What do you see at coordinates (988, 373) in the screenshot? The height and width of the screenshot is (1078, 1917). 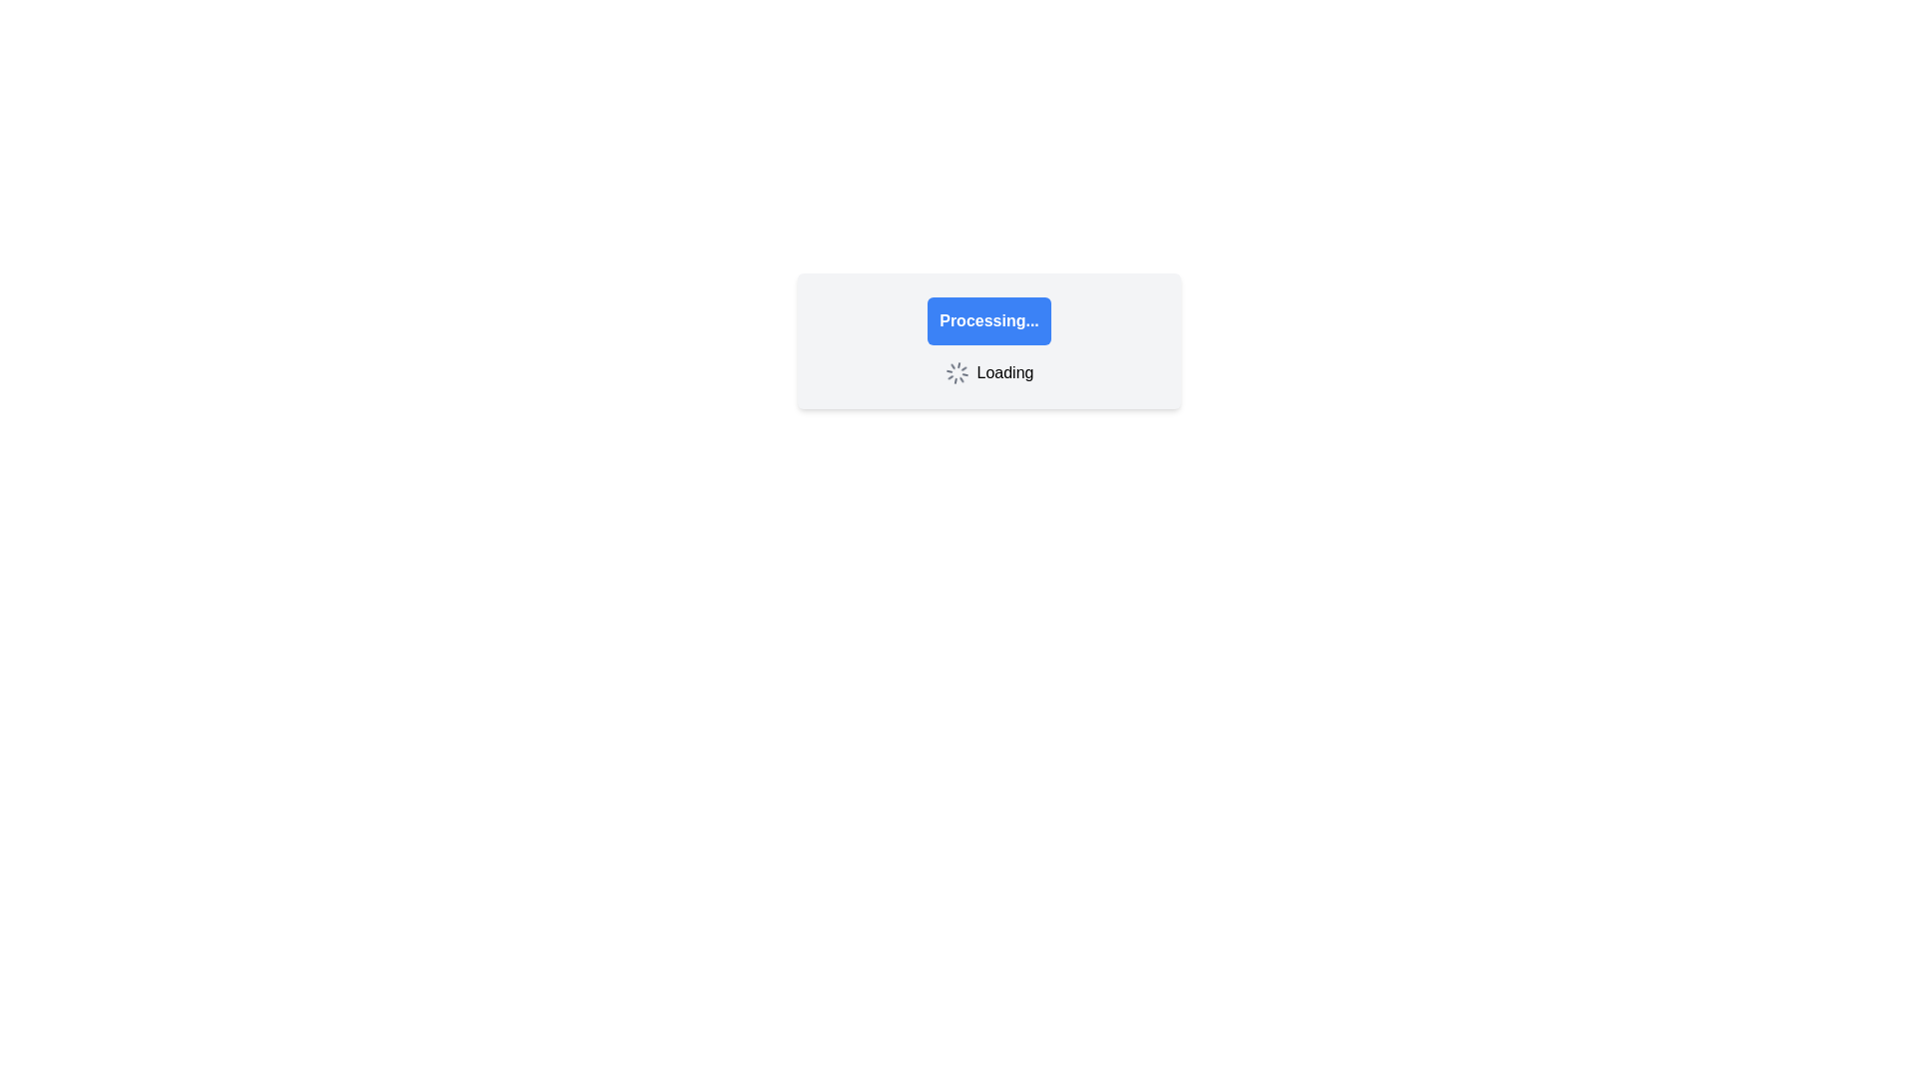 I see `the loading progress by interacting with the loading indicator that displays an animated spinning icon and the text 'Loading', positioned below the 'Processing...' button` at bounding box center [988, 373].